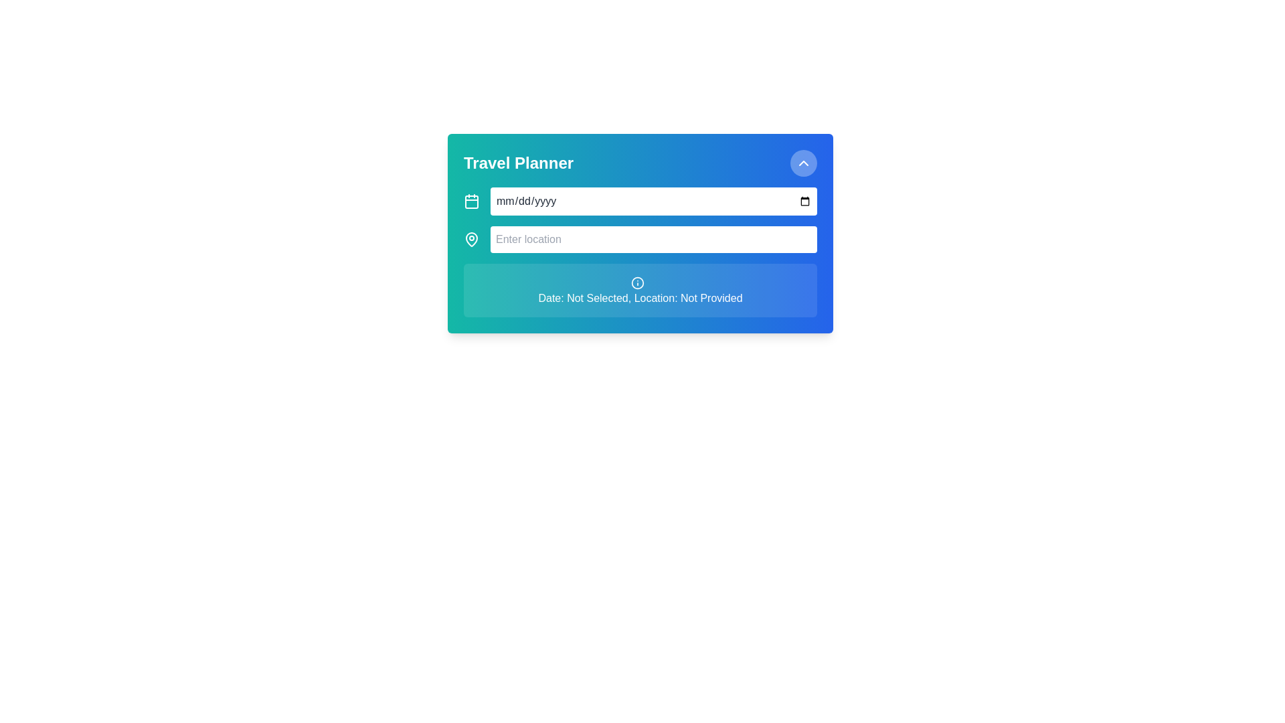  I want to click on the Date input field located below the title 'Travel Planner' to focus and enter a date, so click(639, 201).